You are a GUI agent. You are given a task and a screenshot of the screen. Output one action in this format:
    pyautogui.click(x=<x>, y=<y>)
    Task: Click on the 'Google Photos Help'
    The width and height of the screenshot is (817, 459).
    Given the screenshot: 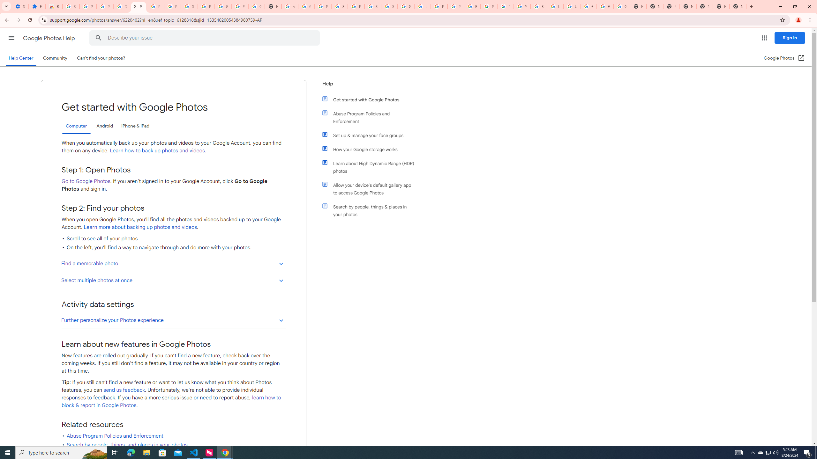 What is the action you would take?
    pyautogui.click(x=49, y=38)
    